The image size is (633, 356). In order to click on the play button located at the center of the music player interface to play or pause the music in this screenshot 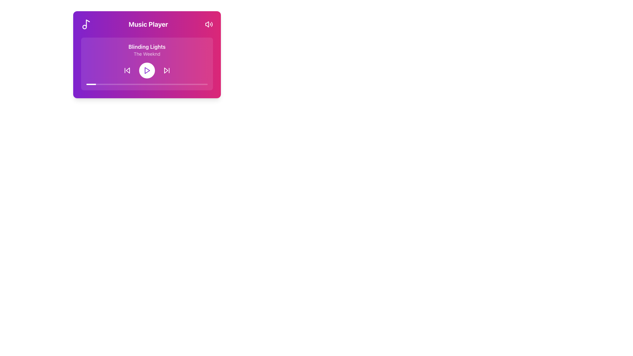, I will do `click(147, 70)`.